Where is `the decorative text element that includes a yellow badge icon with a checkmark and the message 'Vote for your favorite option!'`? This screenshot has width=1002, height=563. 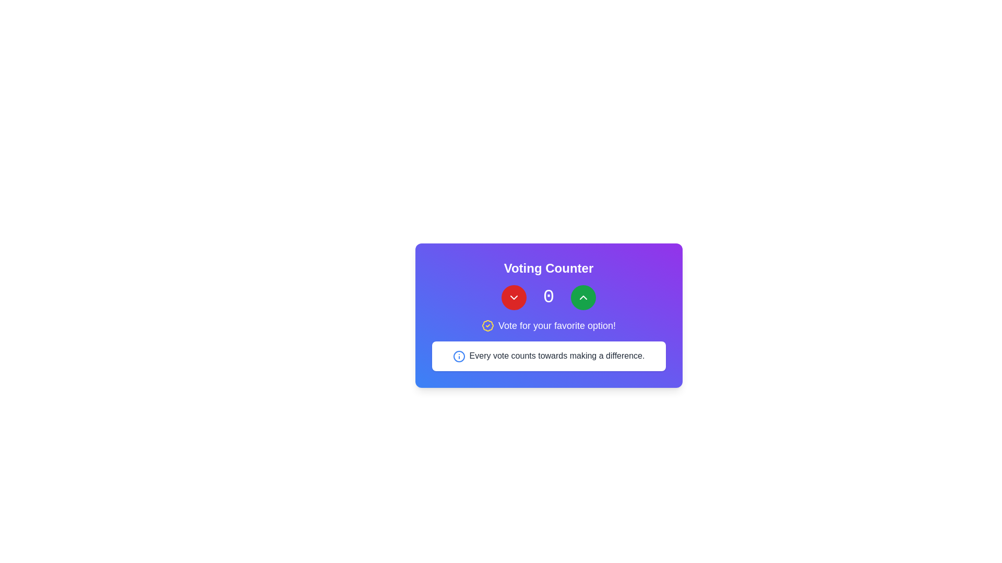
the decorative text element that includes a yellow badge icon with a checkmark and the message 'Vote for your favorite option!' is located at coordinates (548, 325).